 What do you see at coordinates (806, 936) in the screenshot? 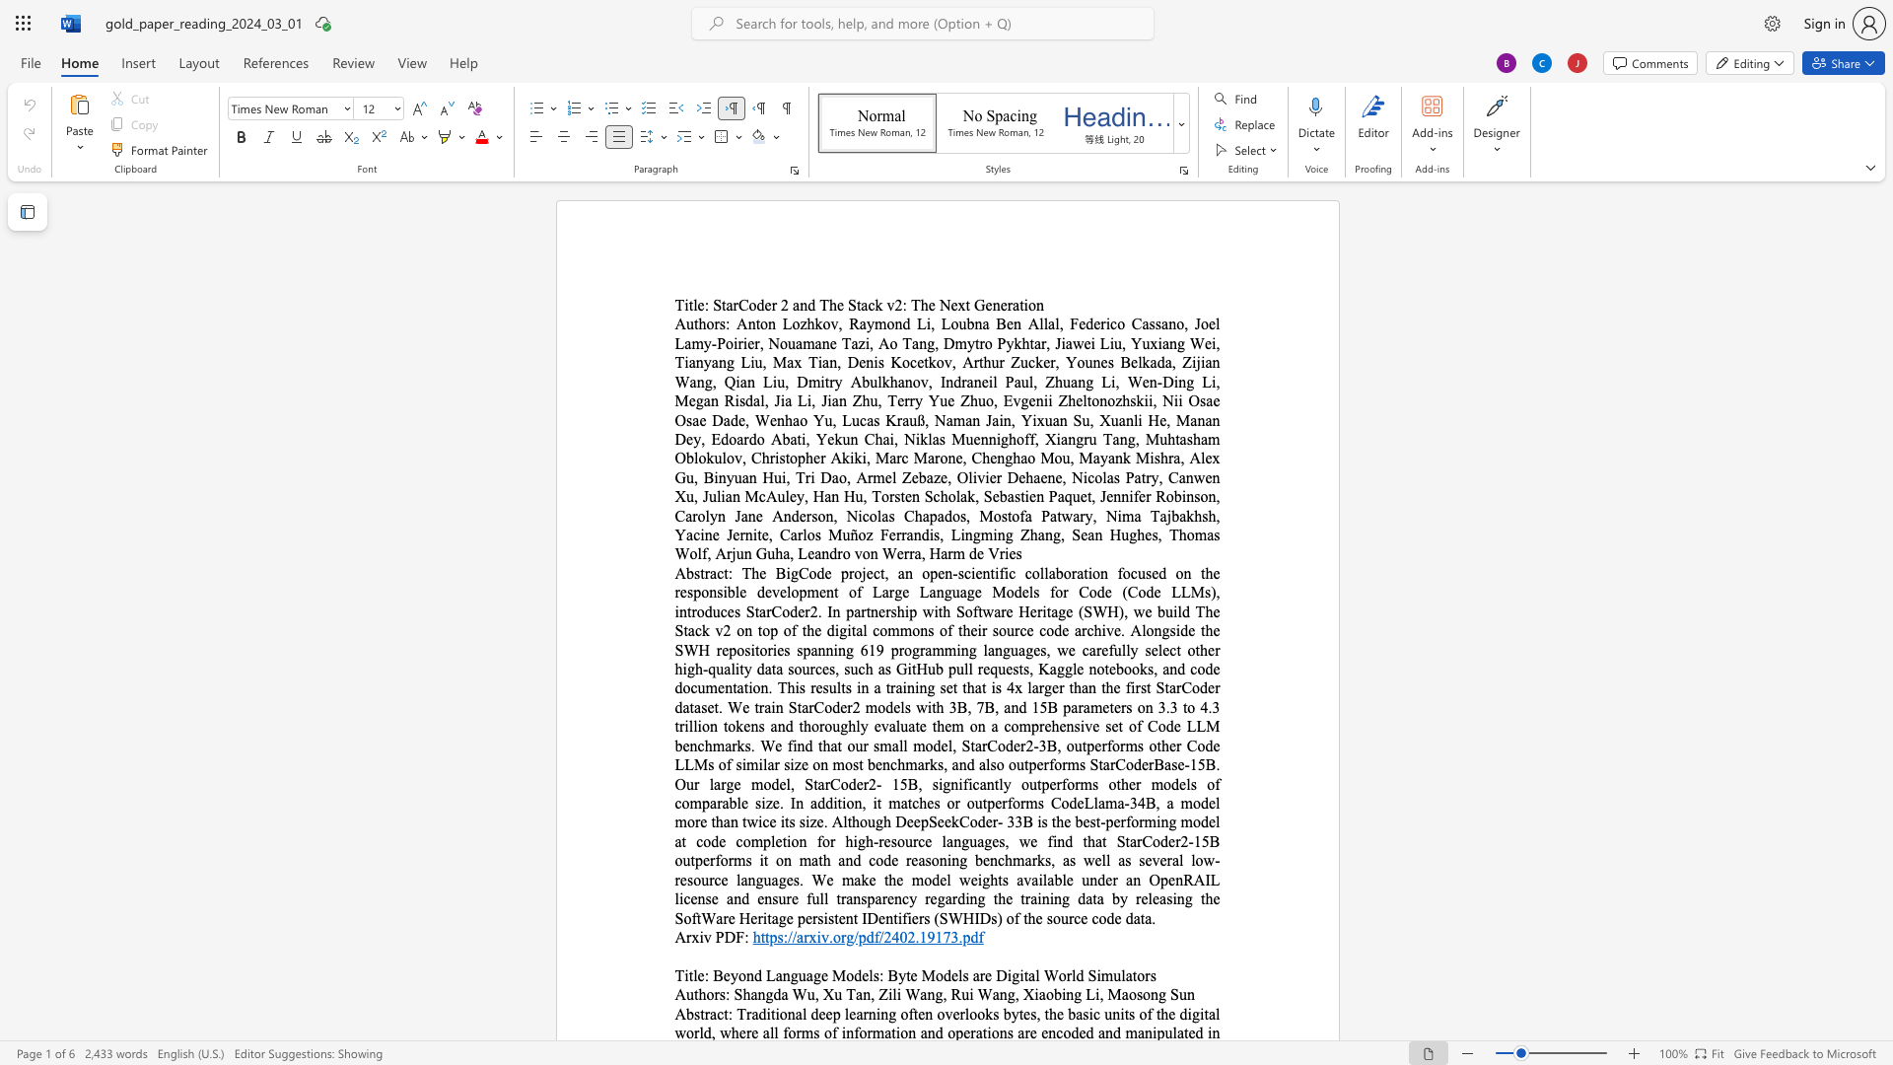
I see `the 1th character "r" in the text` at bounding box center [806, 936].